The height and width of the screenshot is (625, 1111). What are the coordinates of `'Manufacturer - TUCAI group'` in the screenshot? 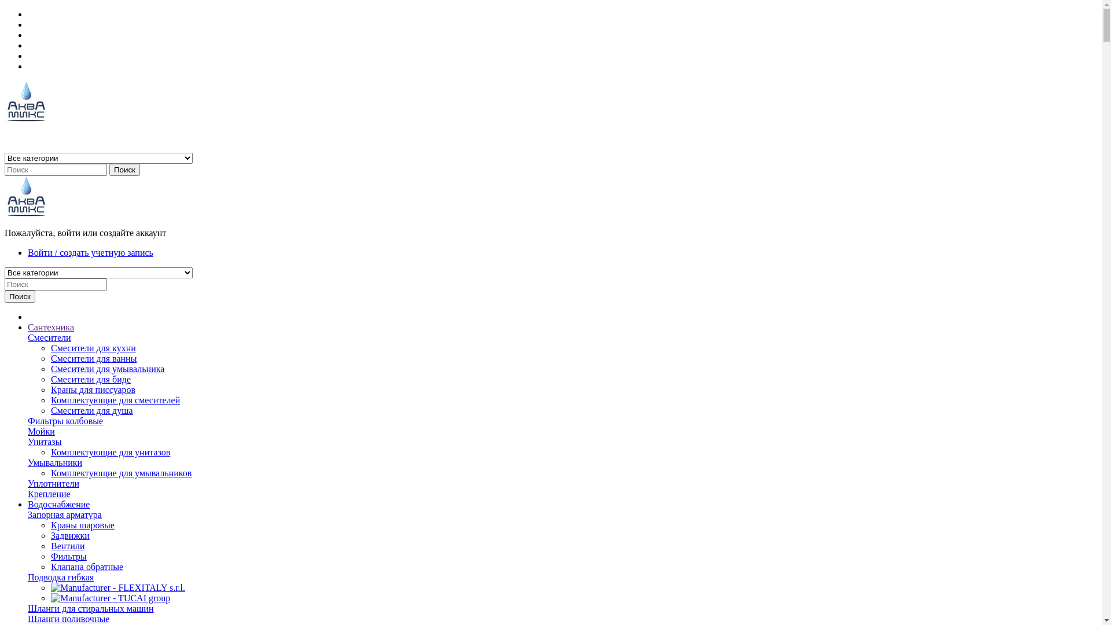 It's located at (111, 598).